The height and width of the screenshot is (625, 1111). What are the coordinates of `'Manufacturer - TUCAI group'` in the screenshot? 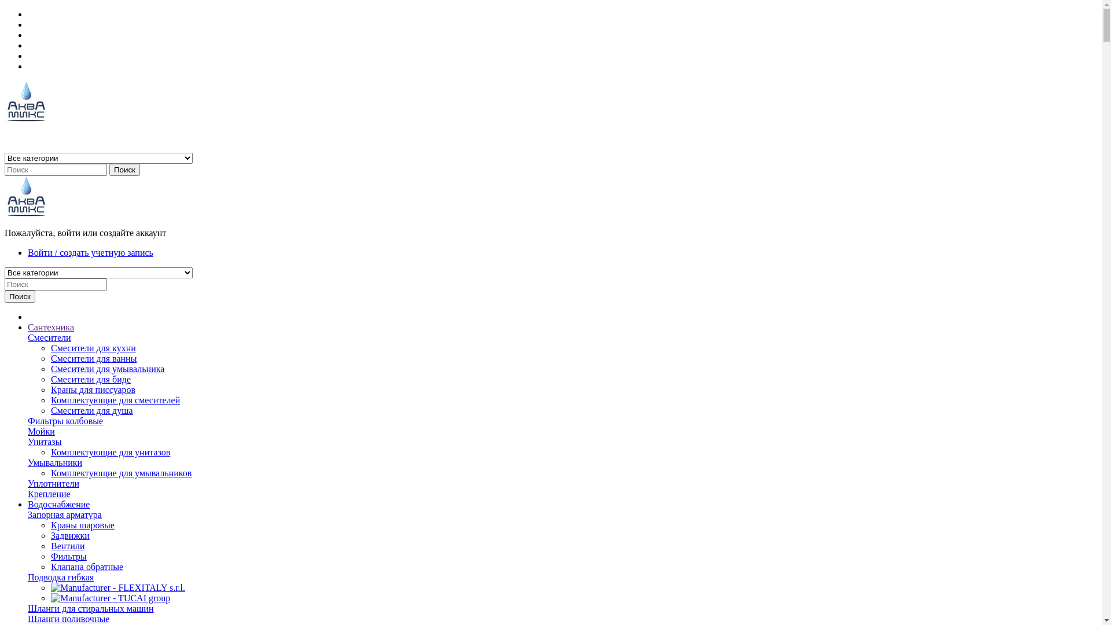 It's located at (111, 598).